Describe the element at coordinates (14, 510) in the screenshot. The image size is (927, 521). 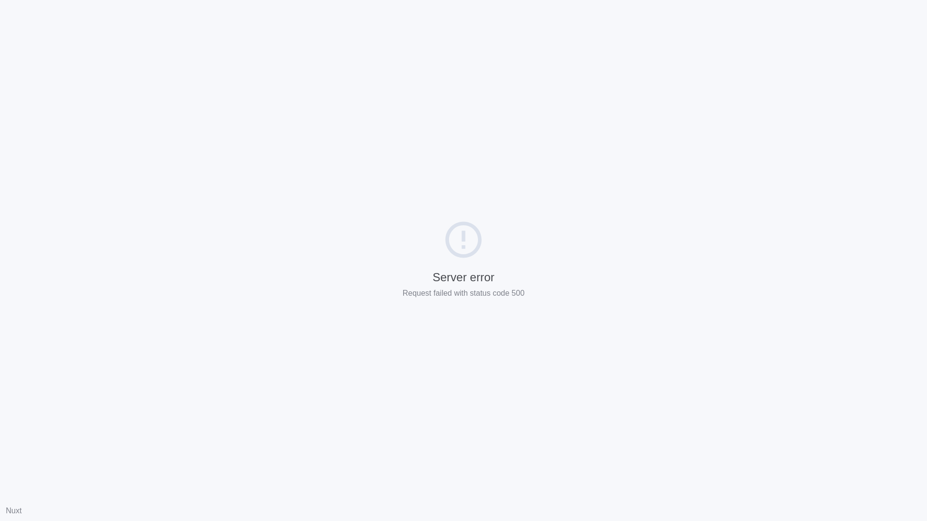
I see `'Nuxt'` at that location.